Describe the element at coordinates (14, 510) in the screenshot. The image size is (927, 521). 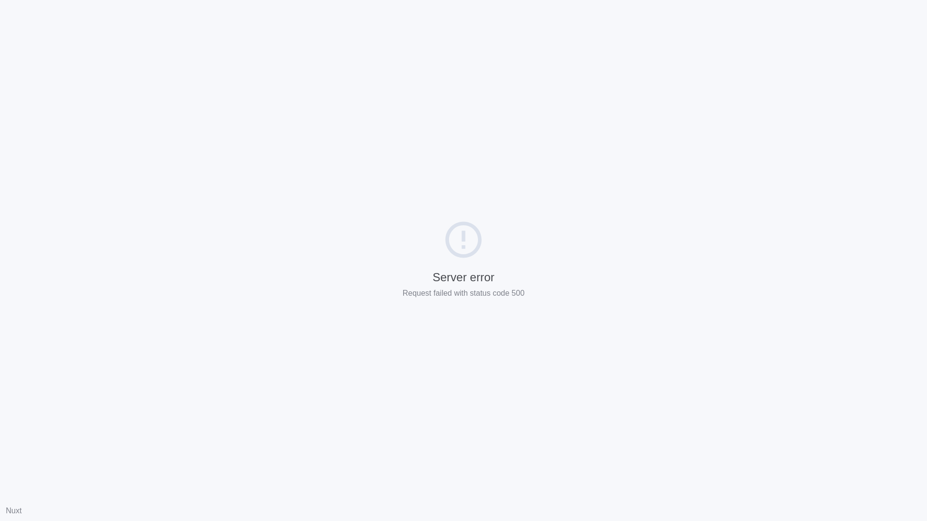
I see `'Nuxt'` at that location.